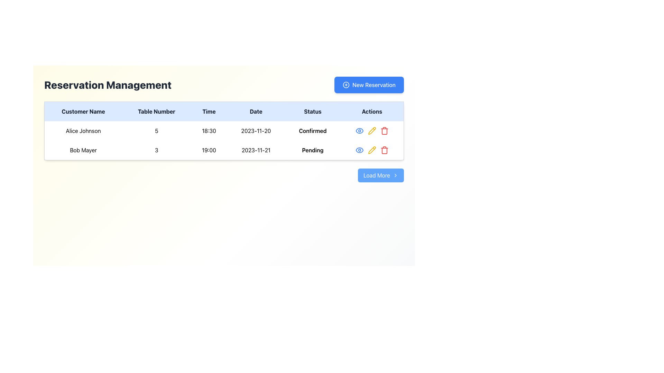 Image resolution: width=664 pixels, height=373 pixels. What do you see at coordinates (359, 131) in the screenshot?
I see `the first icon button in the 'Actions' column of the table` at bounding box center [359, 131].